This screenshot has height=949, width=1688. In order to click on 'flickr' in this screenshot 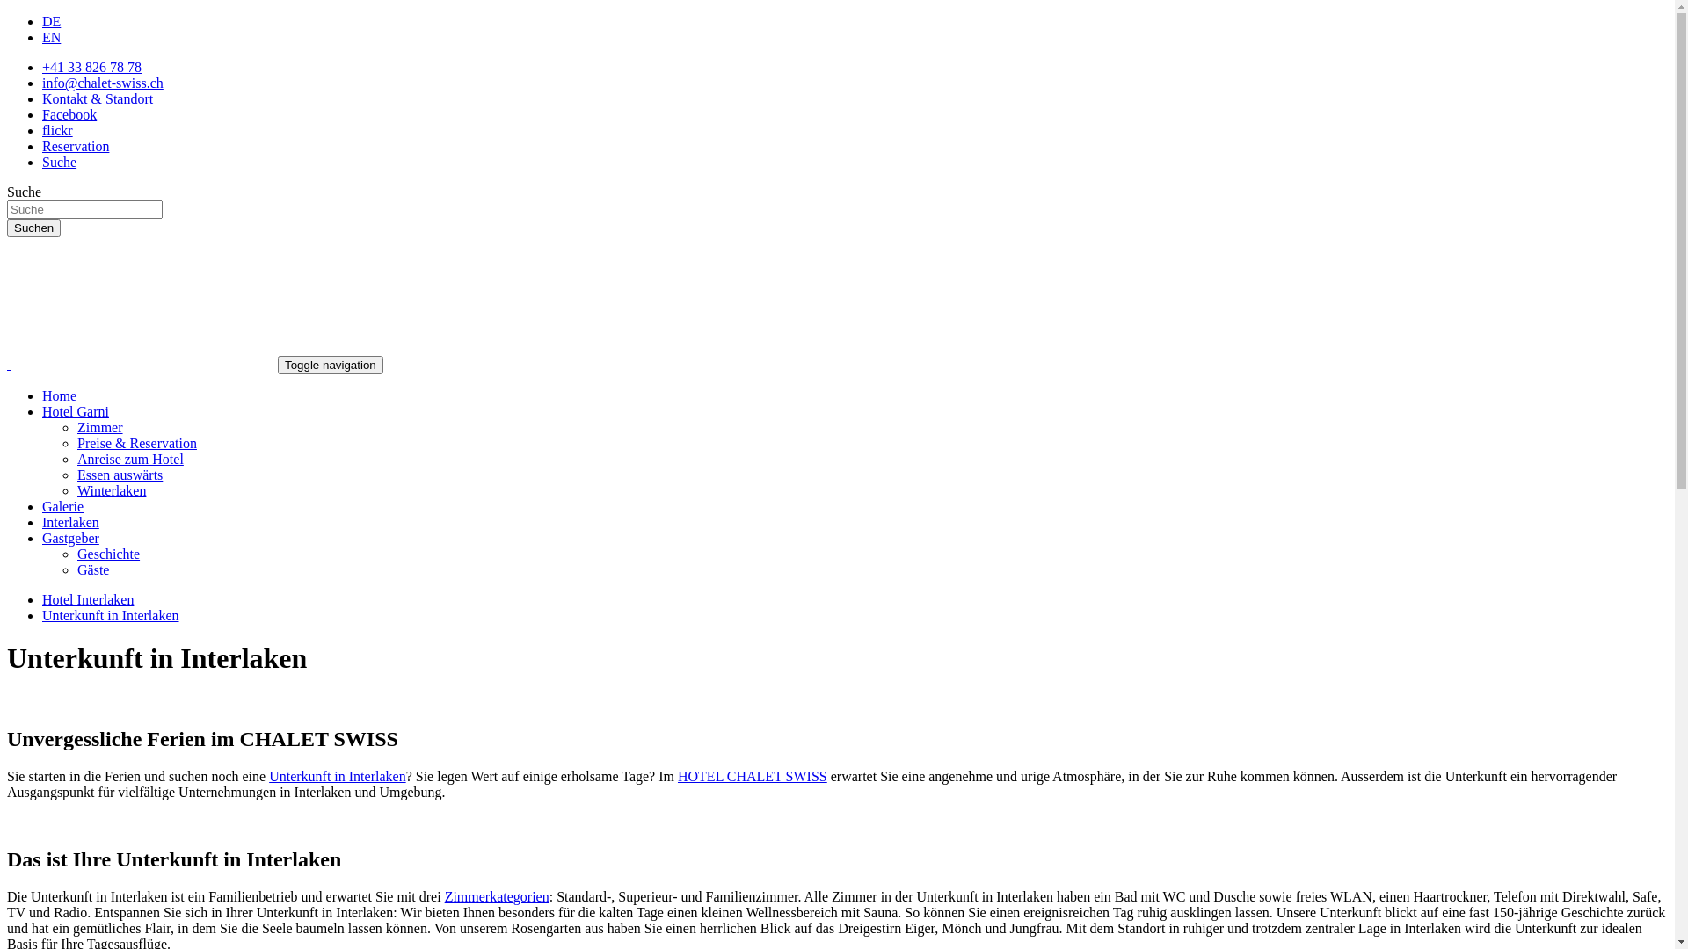, I will do `click(57, 129)`.